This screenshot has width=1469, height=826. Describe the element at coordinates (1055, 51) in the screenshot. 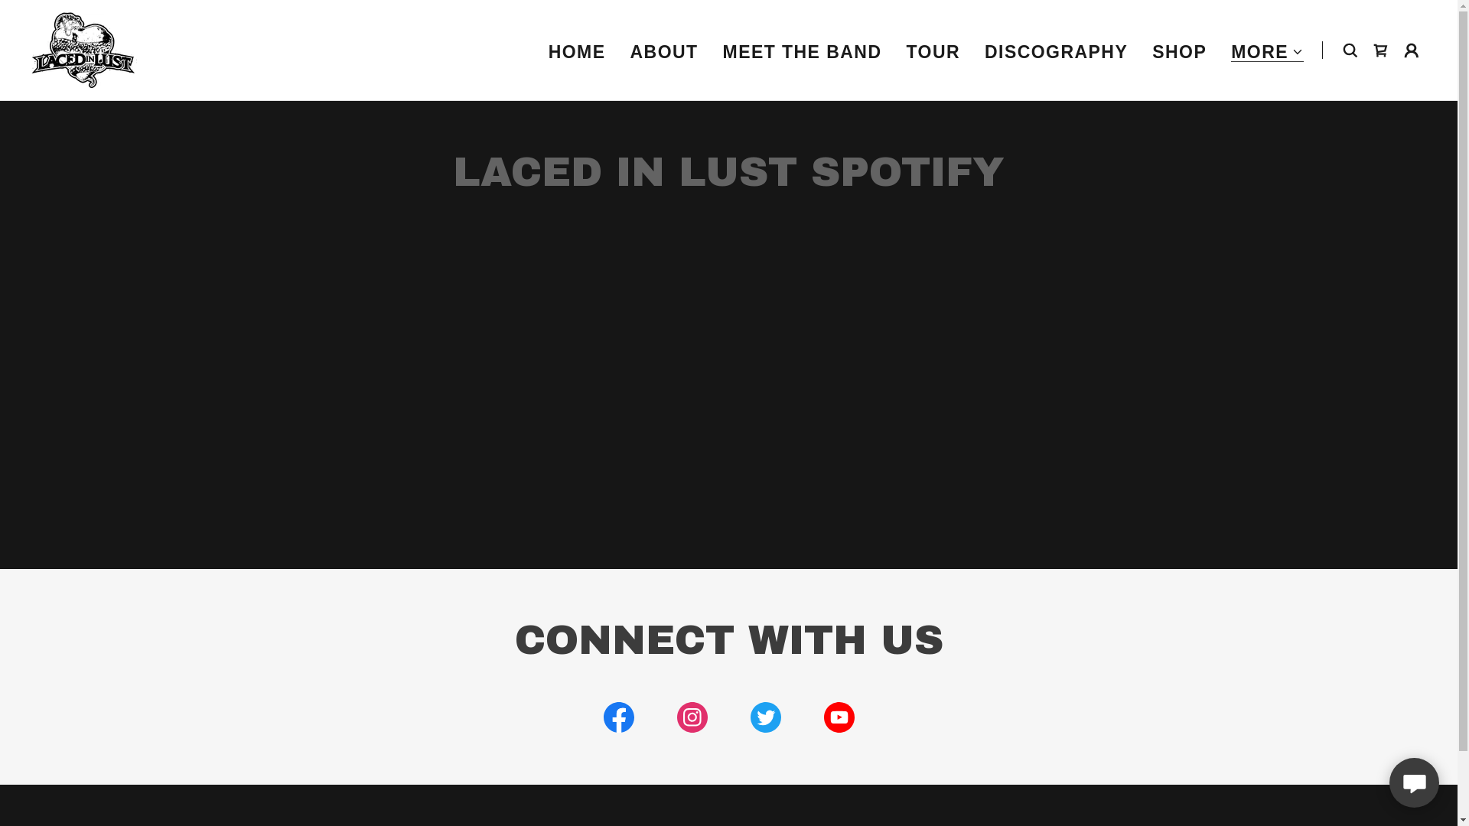

I see `'DISCOGRAPHY'` at that location.